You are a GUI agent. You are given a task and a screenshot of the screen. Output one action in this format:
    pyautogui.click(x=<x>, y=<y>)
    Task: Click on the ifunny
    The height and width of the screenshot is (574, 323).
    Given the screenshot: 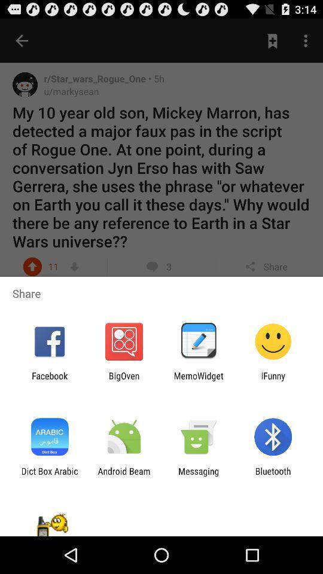 What is the action you would take?
    pyautogui.click(x=273, y=380)
    